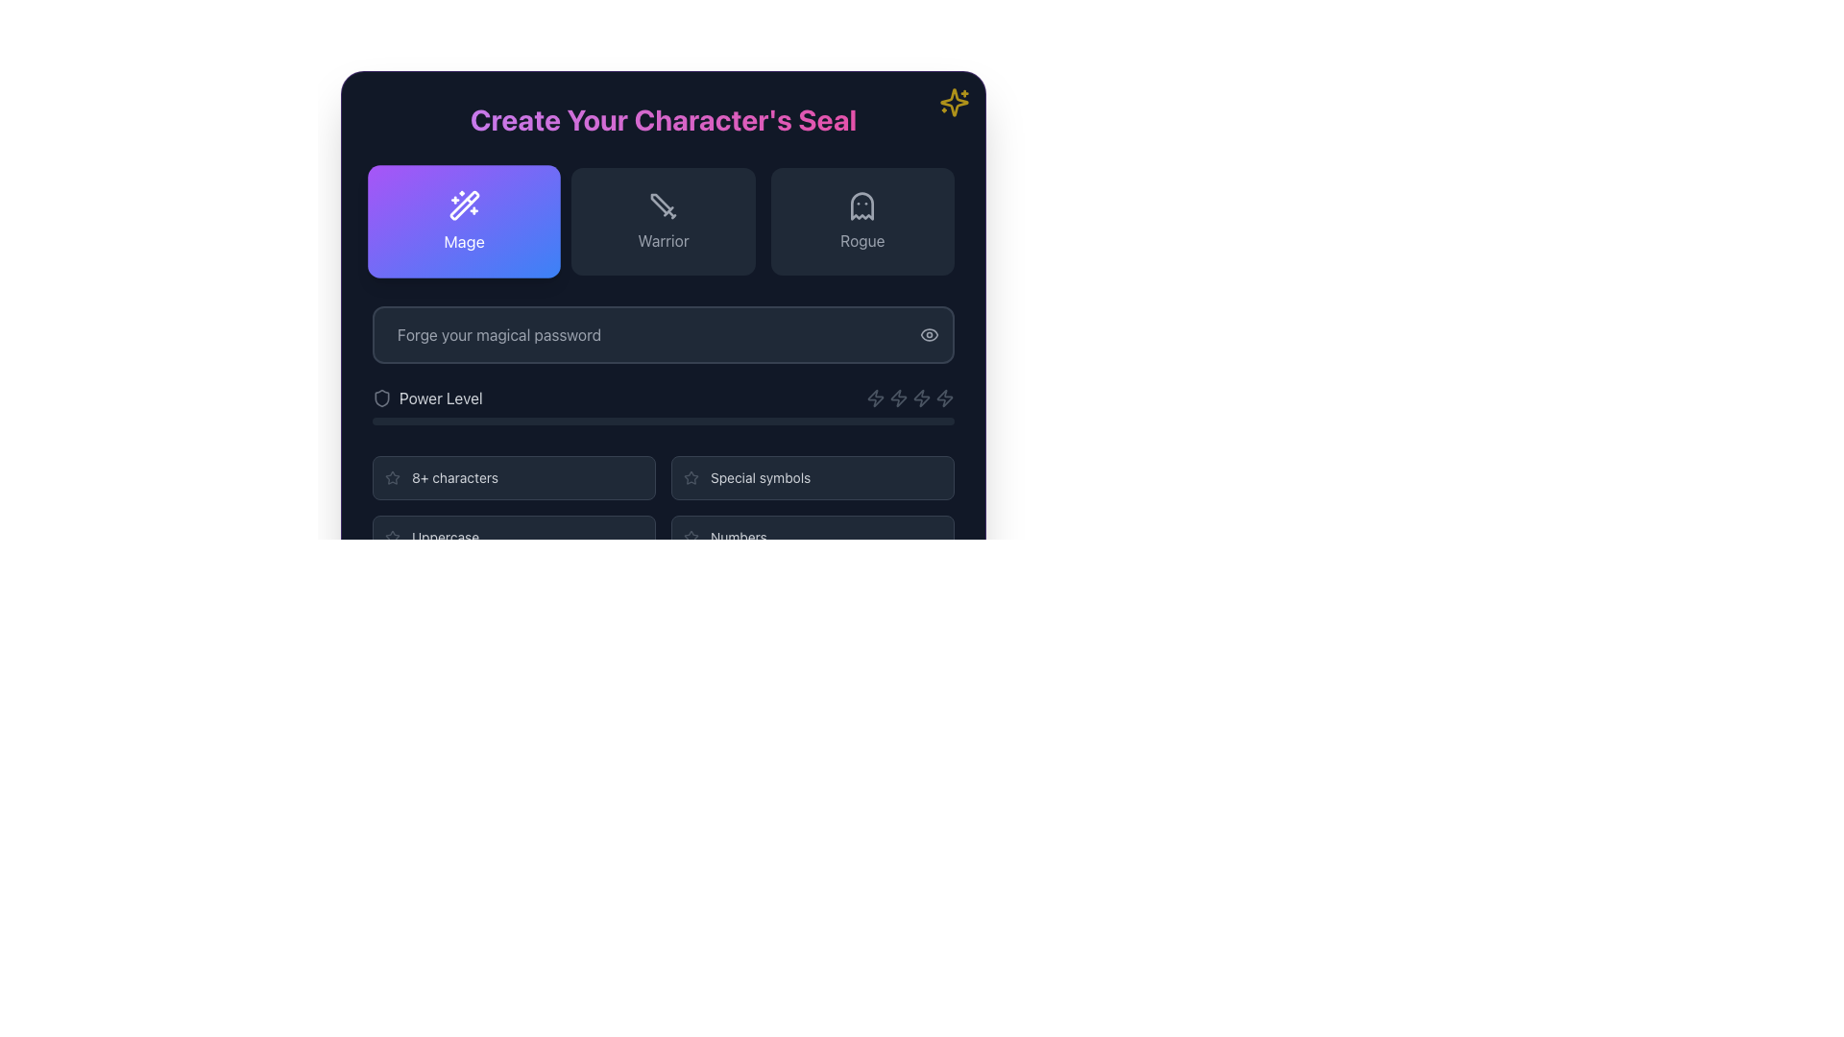  I want to click on text of the static display item indicating the requirement of including uppercase letters in the password creation context, located in the bottom-left corner of a grid layout as the third element in the first column, so click(514, 537).